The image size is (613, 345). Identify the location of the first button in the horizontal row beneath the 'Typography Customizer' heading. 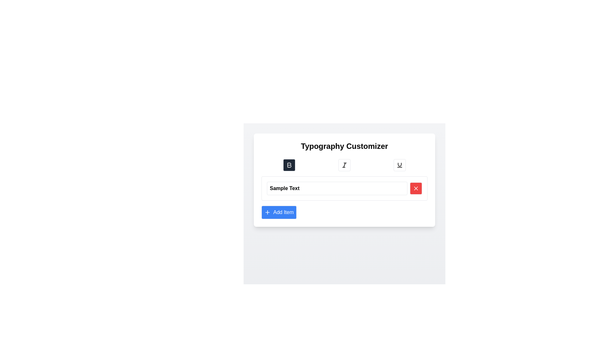
(289, 165).